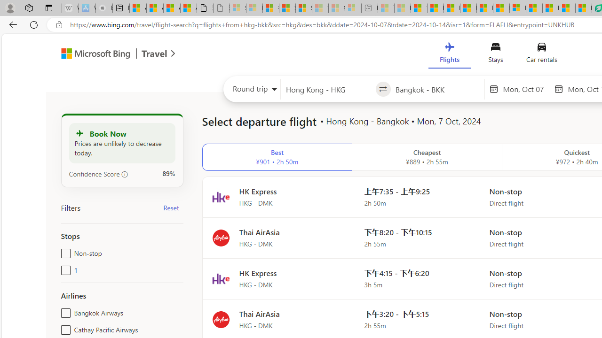 The width and height of the screenshot is (602, 338). Describe the element at coordinates (94, 54) in the screenshot. I see `'Class: msft-bing-logo msft-bing-logo-desktop'` at that location.